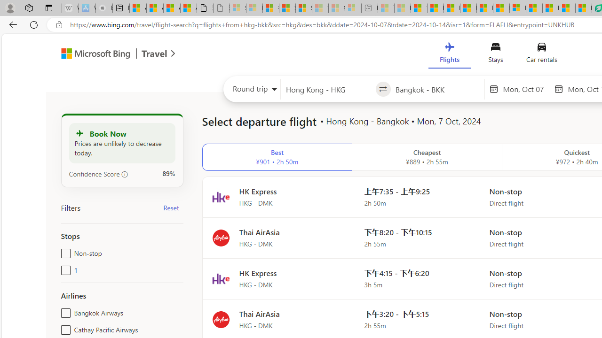 The width and height of the screenshot is (602, 338). Describe the element at coordinates (94, 54) in the screenshot. I see `'Class: msft-bing-logo msft-bing-logo-desktop'` at that location.